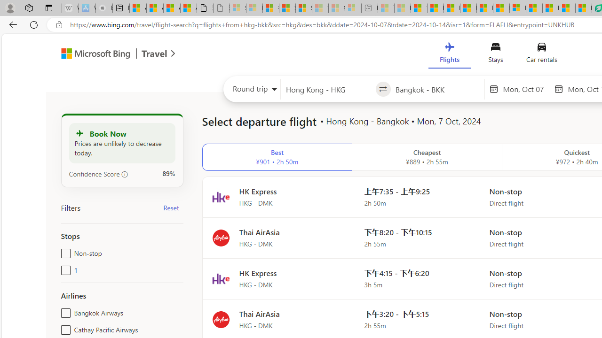 The width and height of the screenshot is (602, 338). Describe the element at coordinates (94, 54) in the screenshot. I see `'Class: msft-bing-logo msft-bing-logo-desktop'` at that location.